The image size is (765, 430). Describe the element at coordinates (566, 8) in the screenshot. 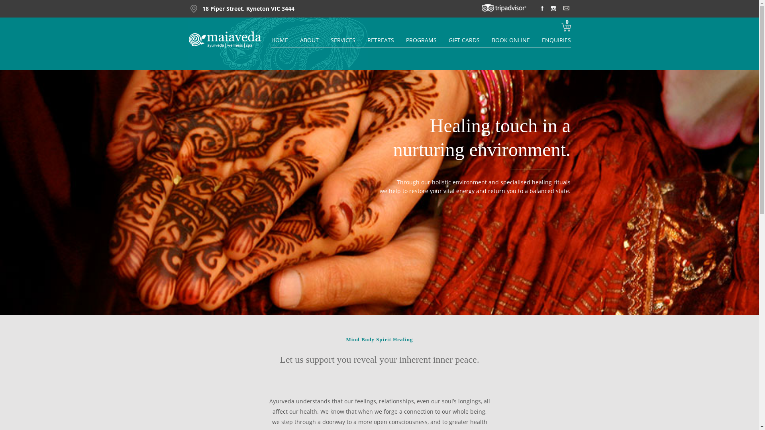

I see `' '` at that location.